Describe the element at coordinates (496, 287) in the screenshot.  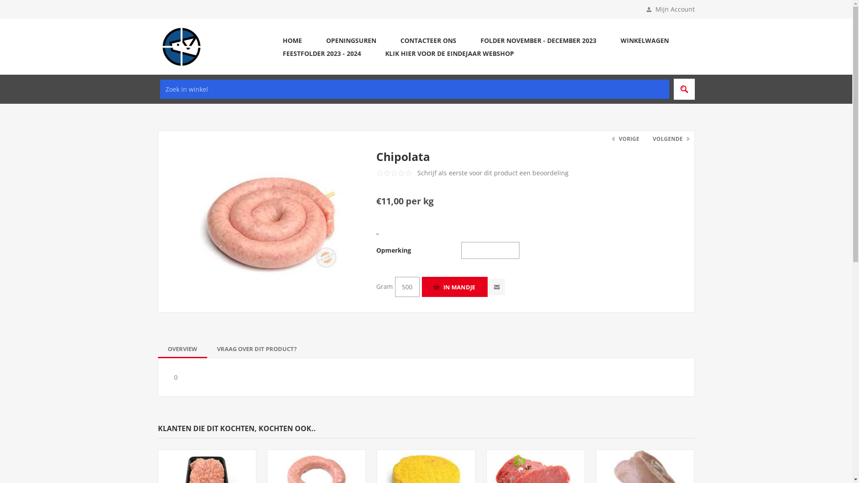
I see `'E-mail een vriend'` at that location.